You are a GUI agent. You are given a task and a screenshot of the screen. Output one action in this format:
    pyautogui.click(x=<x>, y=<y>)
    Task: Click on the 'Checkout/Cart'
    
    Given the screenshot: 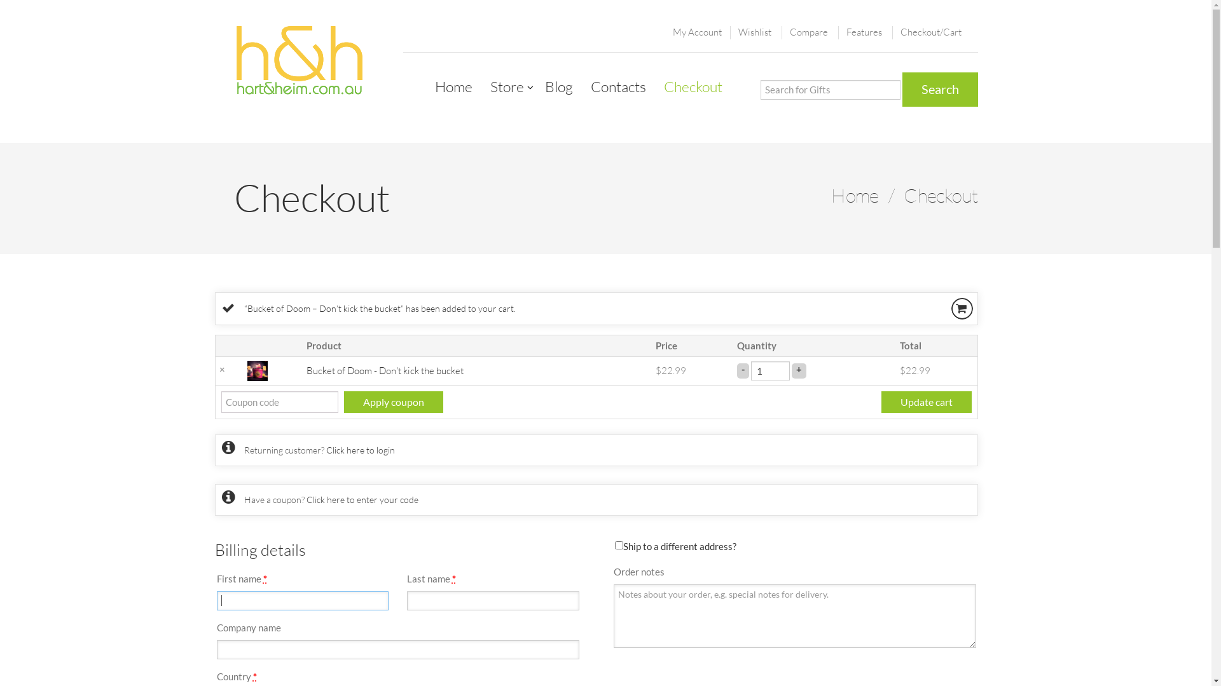 What is the action you would take?
    pyautogui.click(x=931, y=31)
    